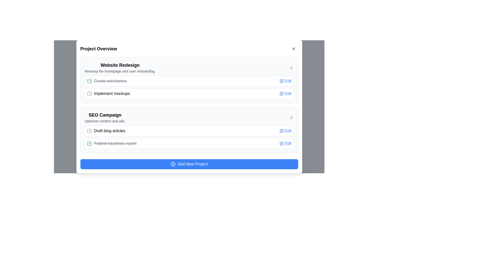  What do you see at coordinates (281, 93) in the screenshot?
I see `the vector graphic indicating an editing or modification action located near the top-right of the modal interface` at bounding box center [281, 93].